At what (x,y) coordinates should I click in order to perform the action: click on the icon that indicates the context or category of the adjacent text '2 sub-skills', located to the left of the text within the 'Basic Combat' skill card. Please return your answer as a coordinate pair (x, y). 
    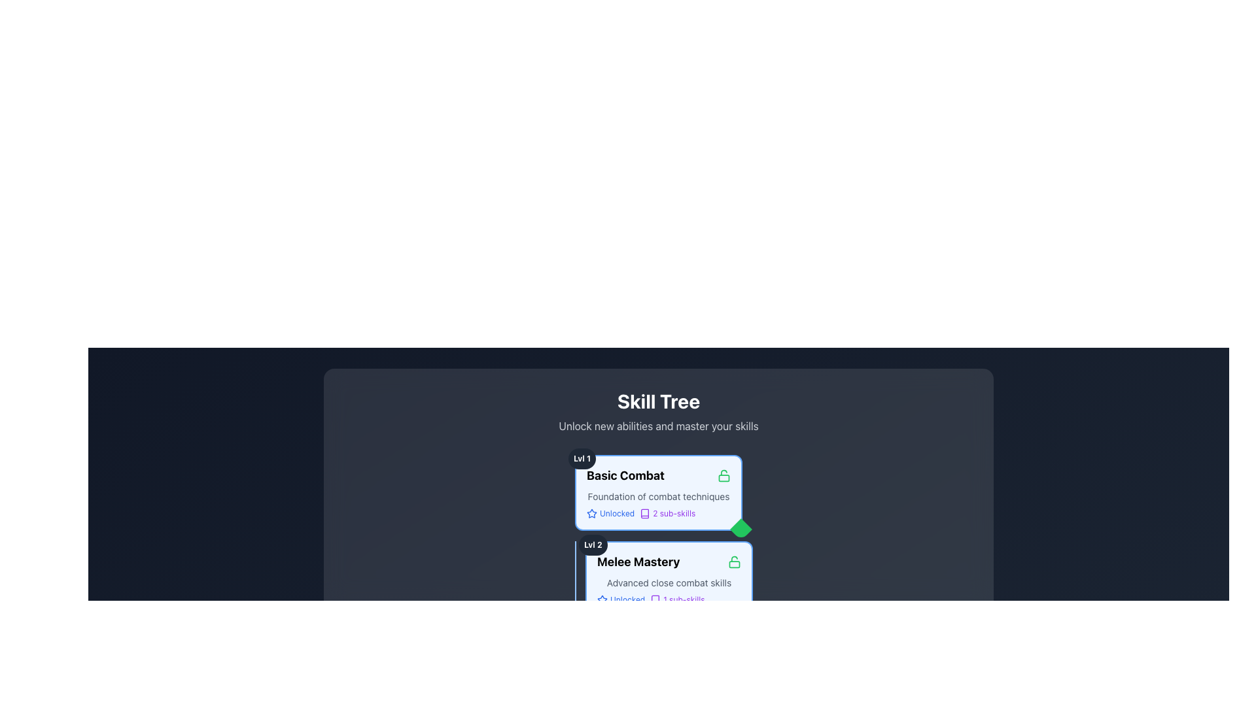
    Looking at the image, I should click on (645, 513).